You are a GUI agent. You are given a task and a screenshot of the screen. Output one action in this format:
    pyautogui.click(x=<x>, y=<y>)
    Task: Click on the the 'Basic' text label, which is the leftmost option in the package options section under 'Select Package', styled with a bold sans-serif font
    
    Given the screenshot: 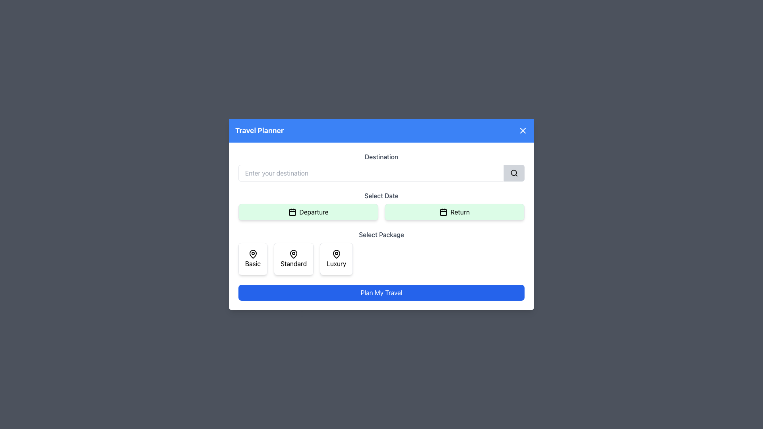 What is the action you would take?
    pyautogui.click(x=252, y=263)
    